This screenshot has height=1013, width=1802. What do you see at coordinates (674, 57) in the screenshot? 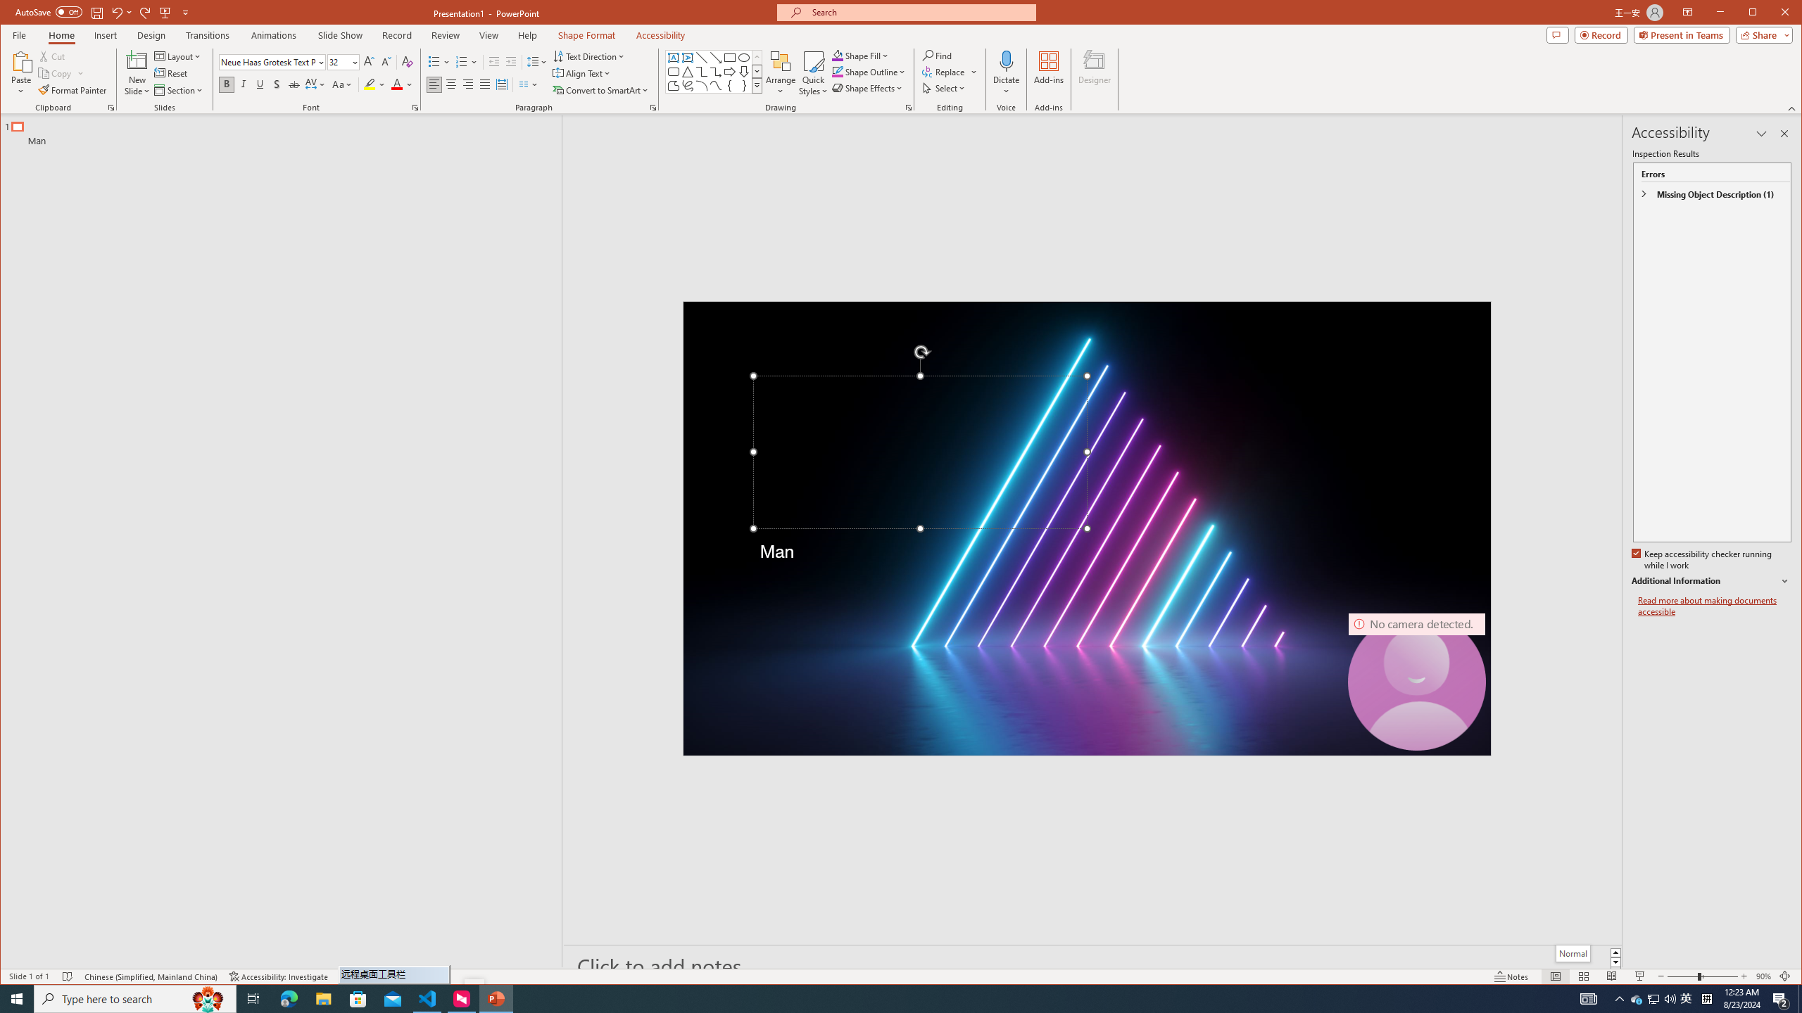
I see `'Text Box'` at bounding box center [674, 57].